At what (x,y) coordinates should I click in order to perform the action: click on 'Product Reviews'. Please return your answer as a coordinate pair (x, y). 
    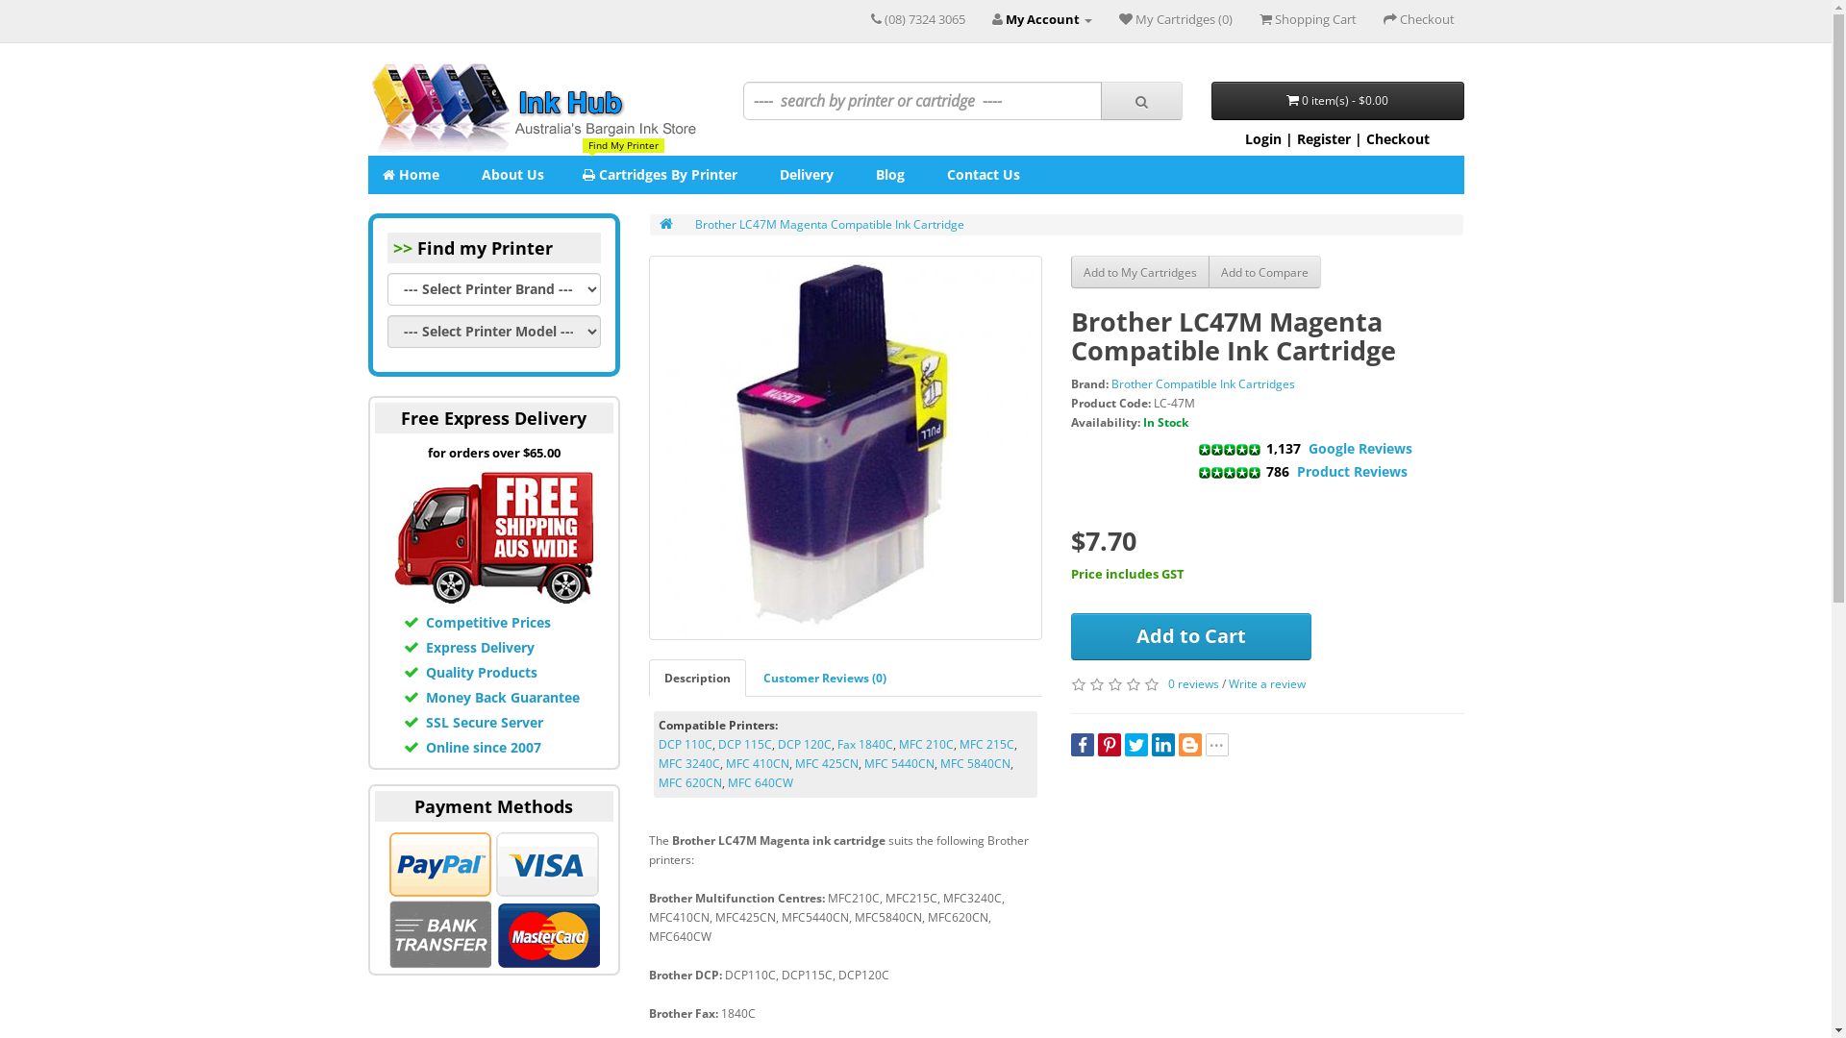
    Looking at the image, I should click on (1296, 471).